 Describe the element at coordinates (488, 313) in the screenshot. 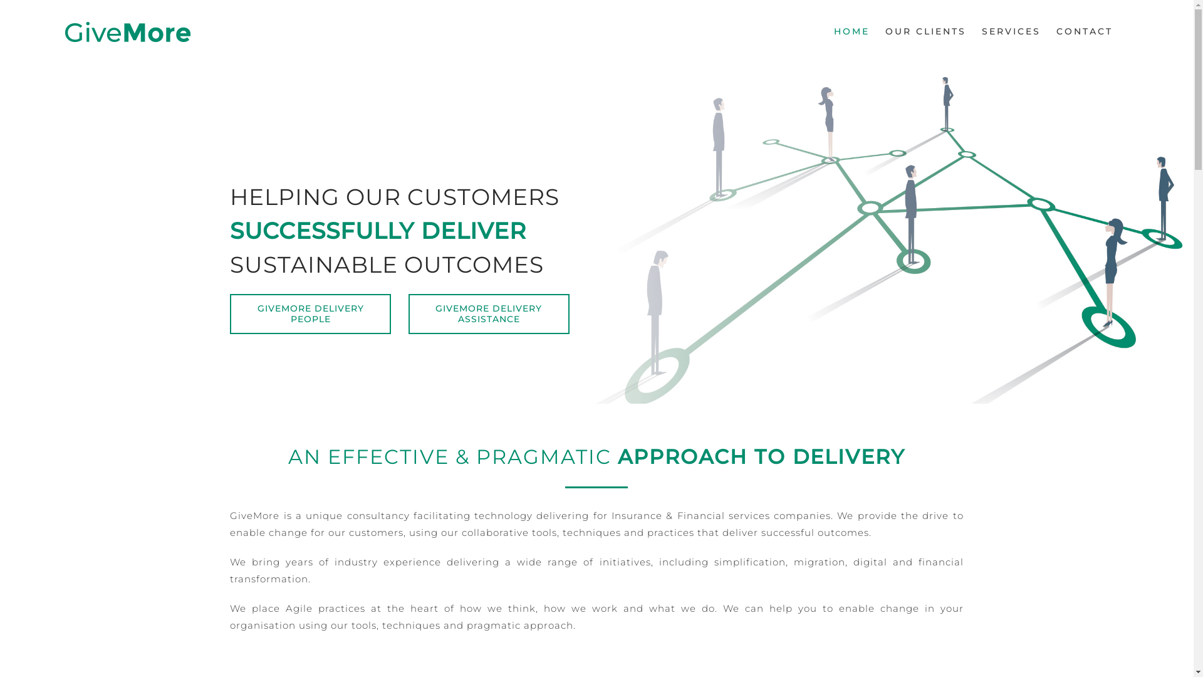

I see `'GIVEMORE DELIVERY ASSISTANCE'` at that location.